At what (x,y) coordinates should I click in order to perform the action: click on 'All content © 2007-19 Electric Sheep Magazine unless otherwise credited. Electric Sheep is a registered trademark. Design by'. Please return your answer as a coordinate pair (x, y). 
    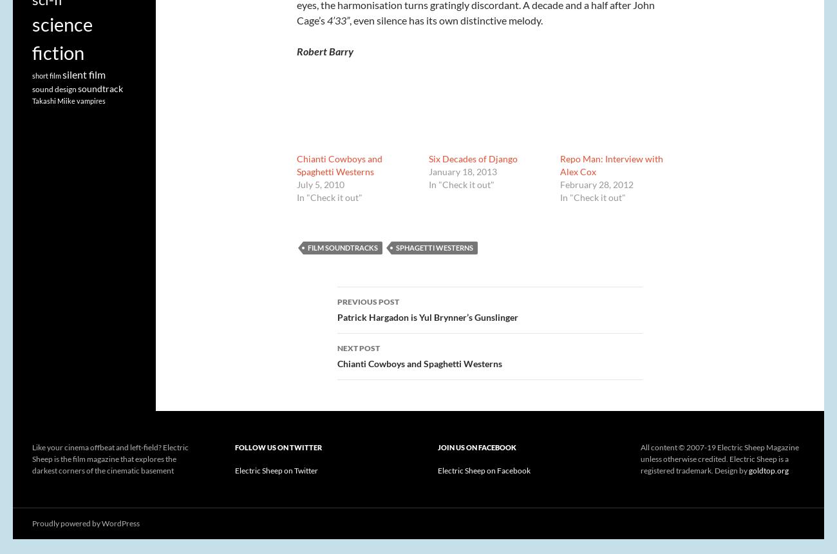
    Looking at the image, I should click on (719, 458).